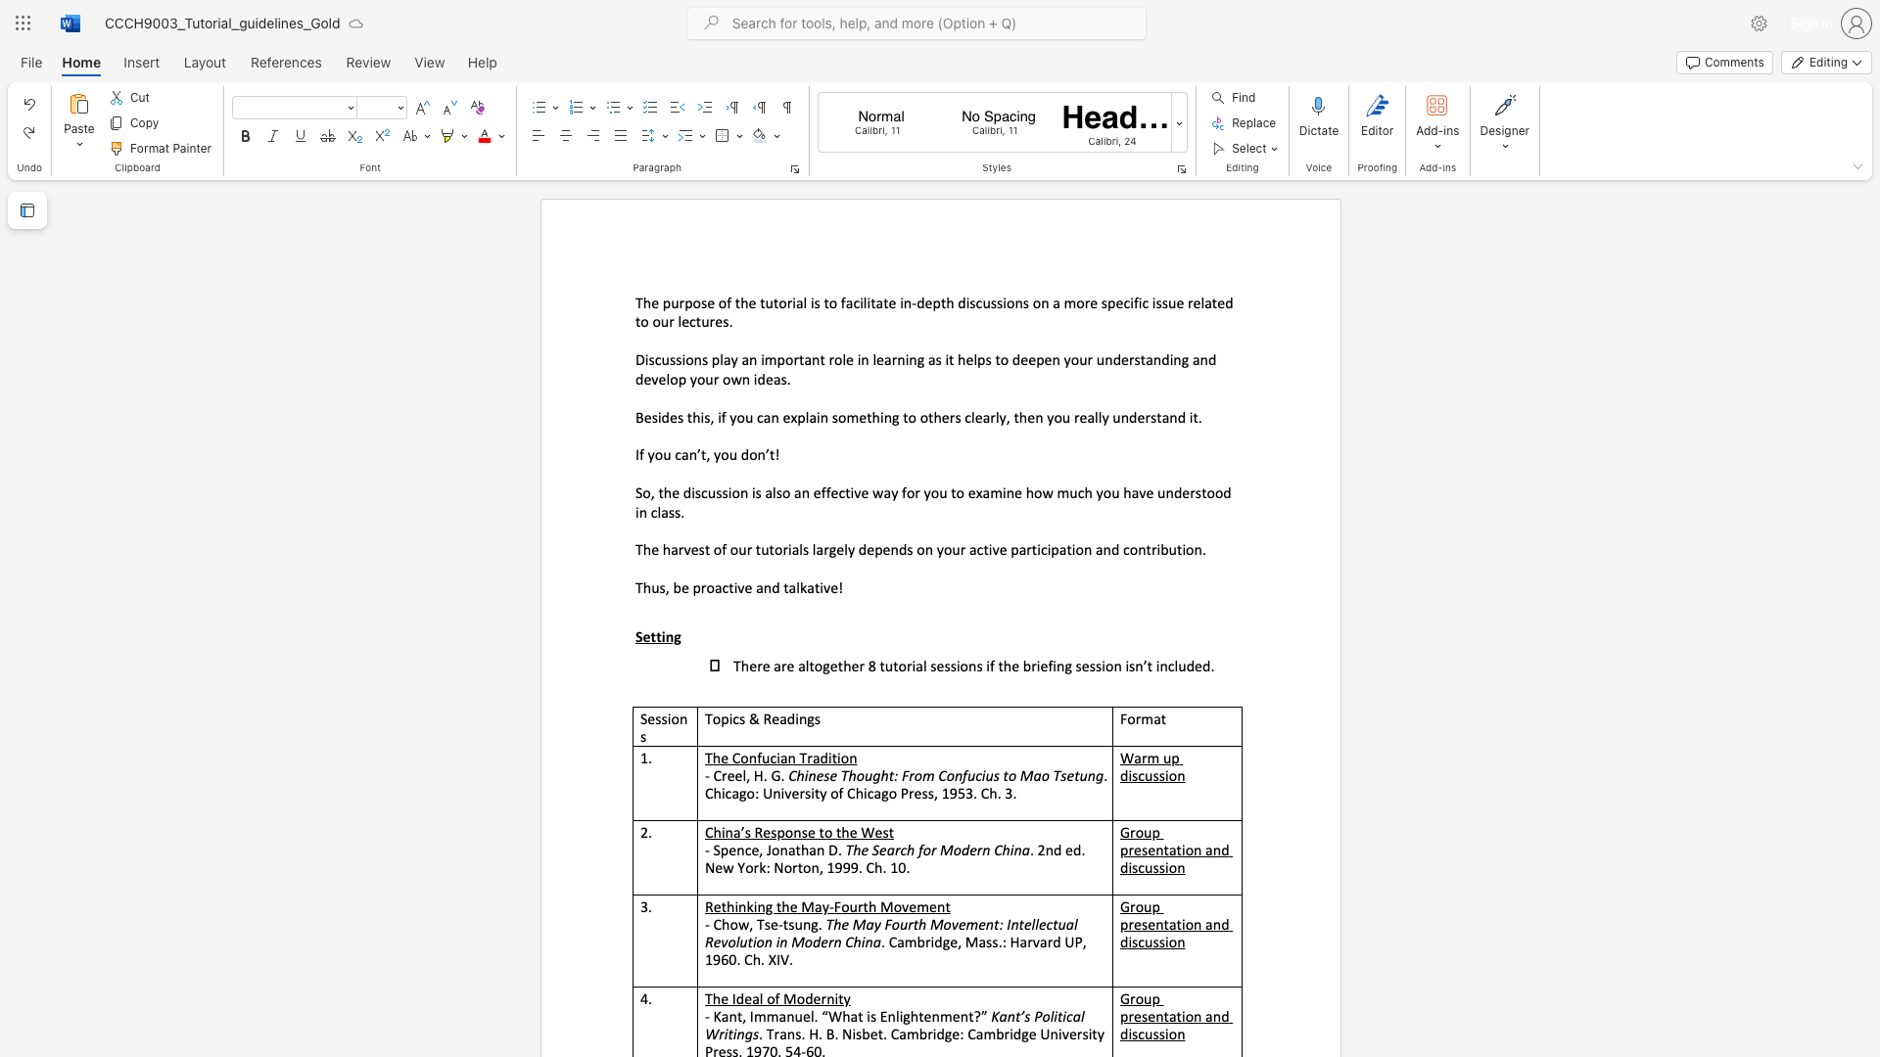 The width and height of the screenshot is (1880, 1057). What do you see at coordinates (701, 491) in the screenshot?
I see `the subset text "cussion is also an effective way for you to exami" within the text "So, the discussion is also an effective way for you to examine how much you have understood in class."` at bounding box center [701, 491].